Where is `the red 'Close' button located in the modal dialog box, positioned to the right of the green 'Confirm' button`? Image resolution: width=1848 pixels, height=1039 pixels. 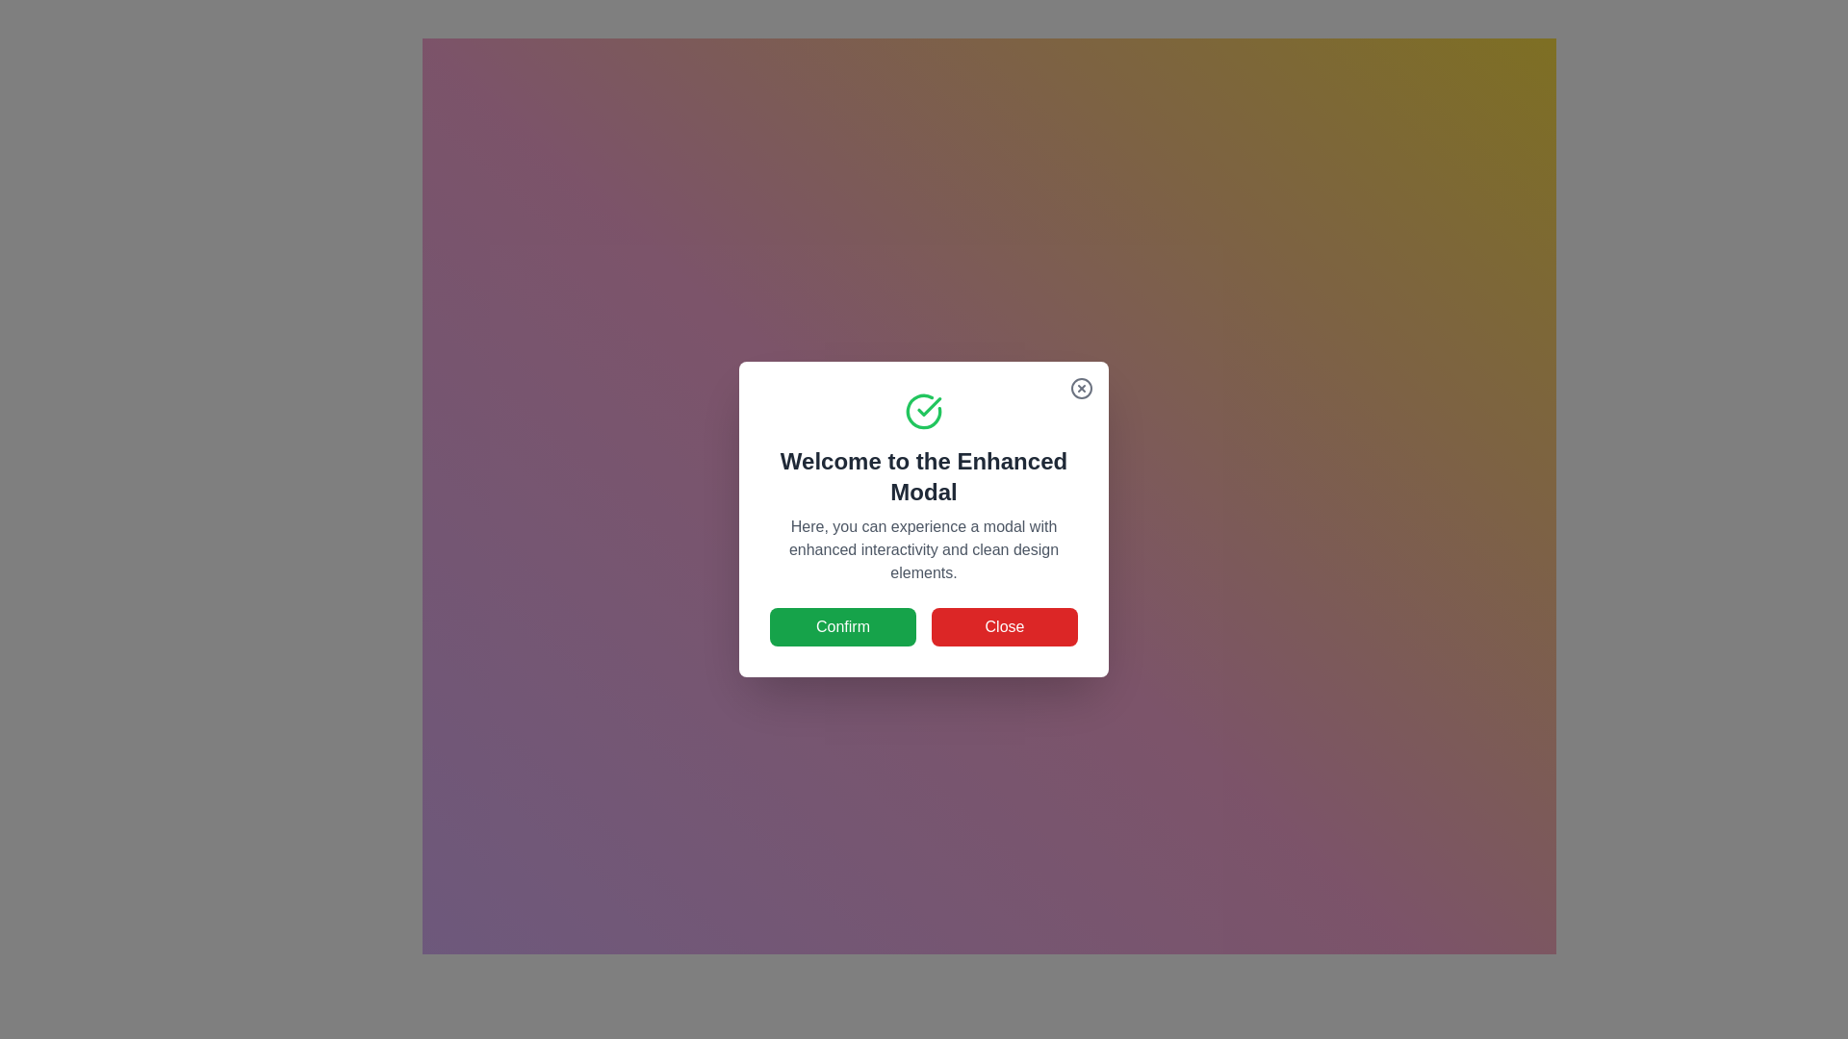
the red 'Close' button located in the modal dialog box, positioned to the right of the green 'Confirm' button is located at coordinates (1003, 626).